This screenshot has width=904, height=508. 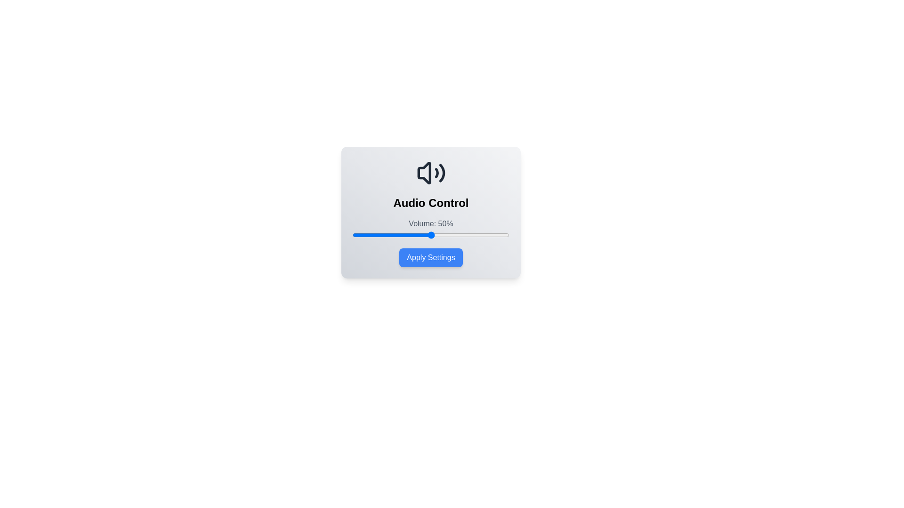 I want to click on the slider to set the volume value, which is located beneath the text 'Volume: 50%' and above the 'Apply Settings' button, so click(x=430, y=235).